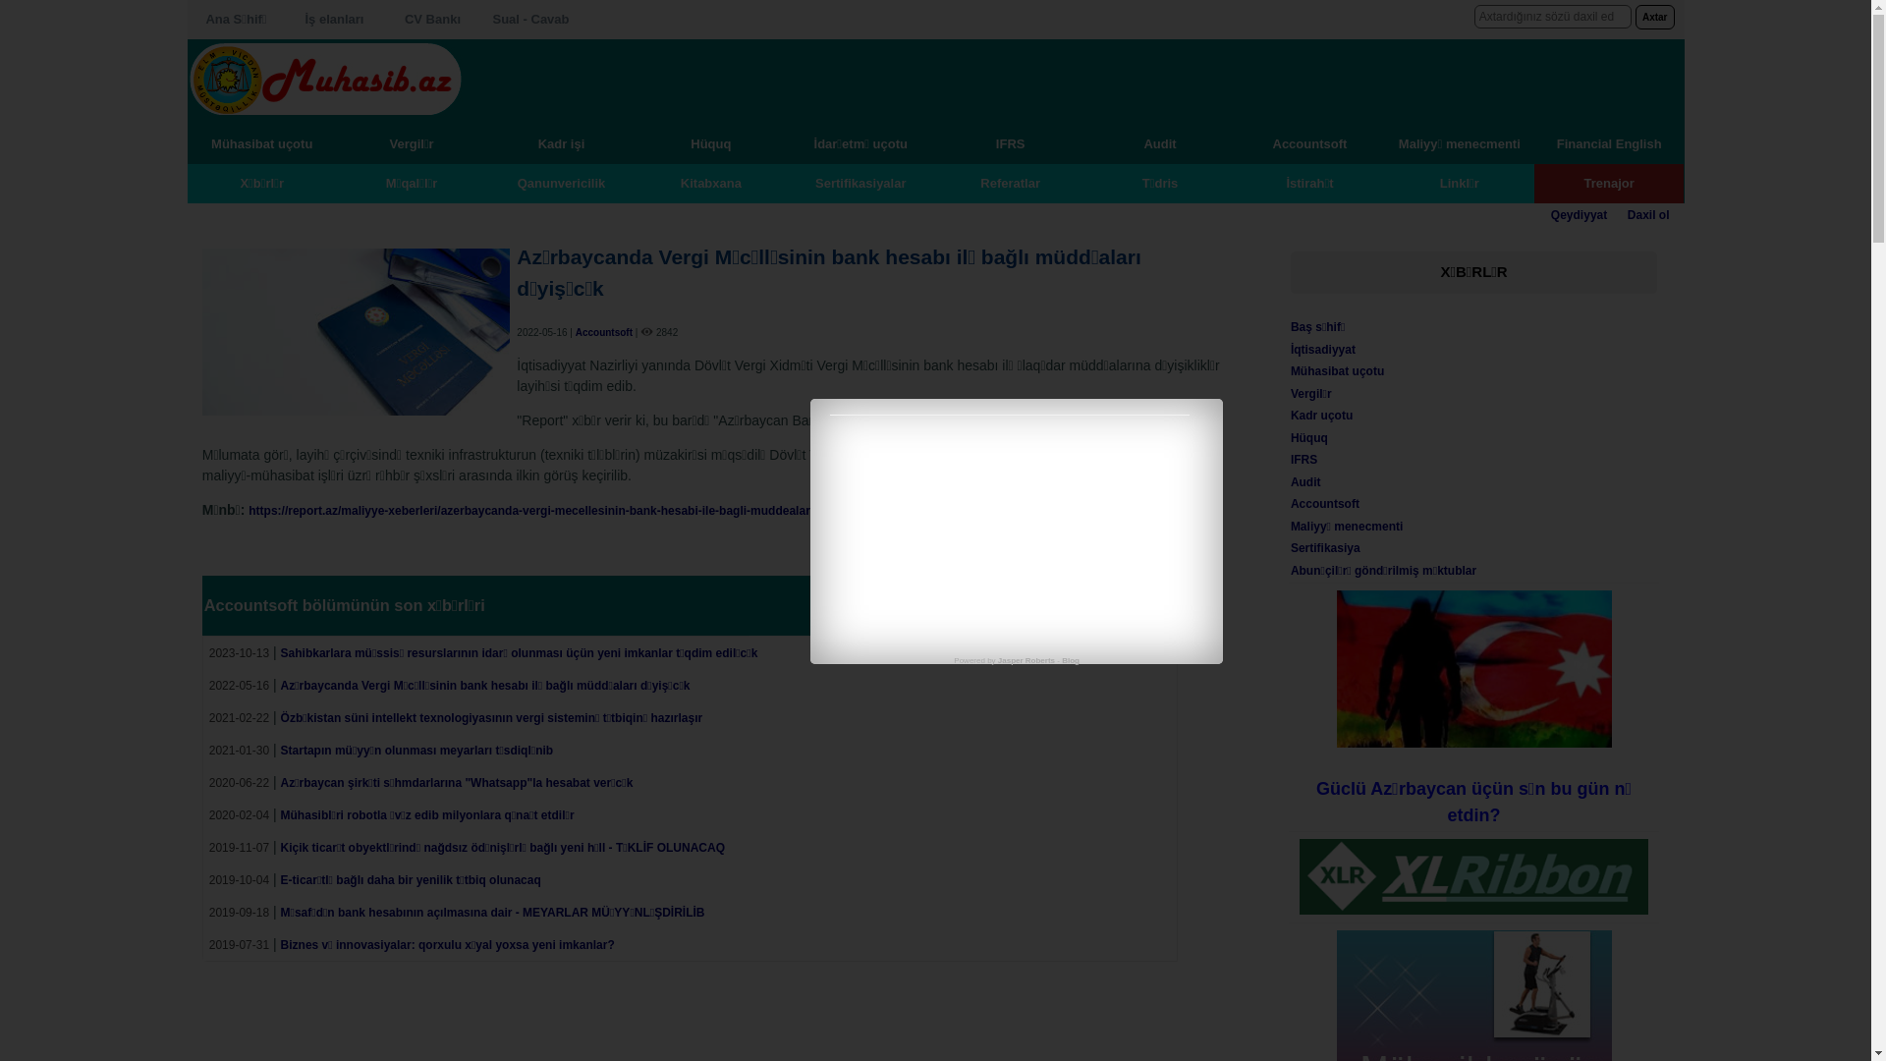  Describe the element at coordinates (1325, 548) in the screenshot. I see `'Sertifikasiya'` at that location.